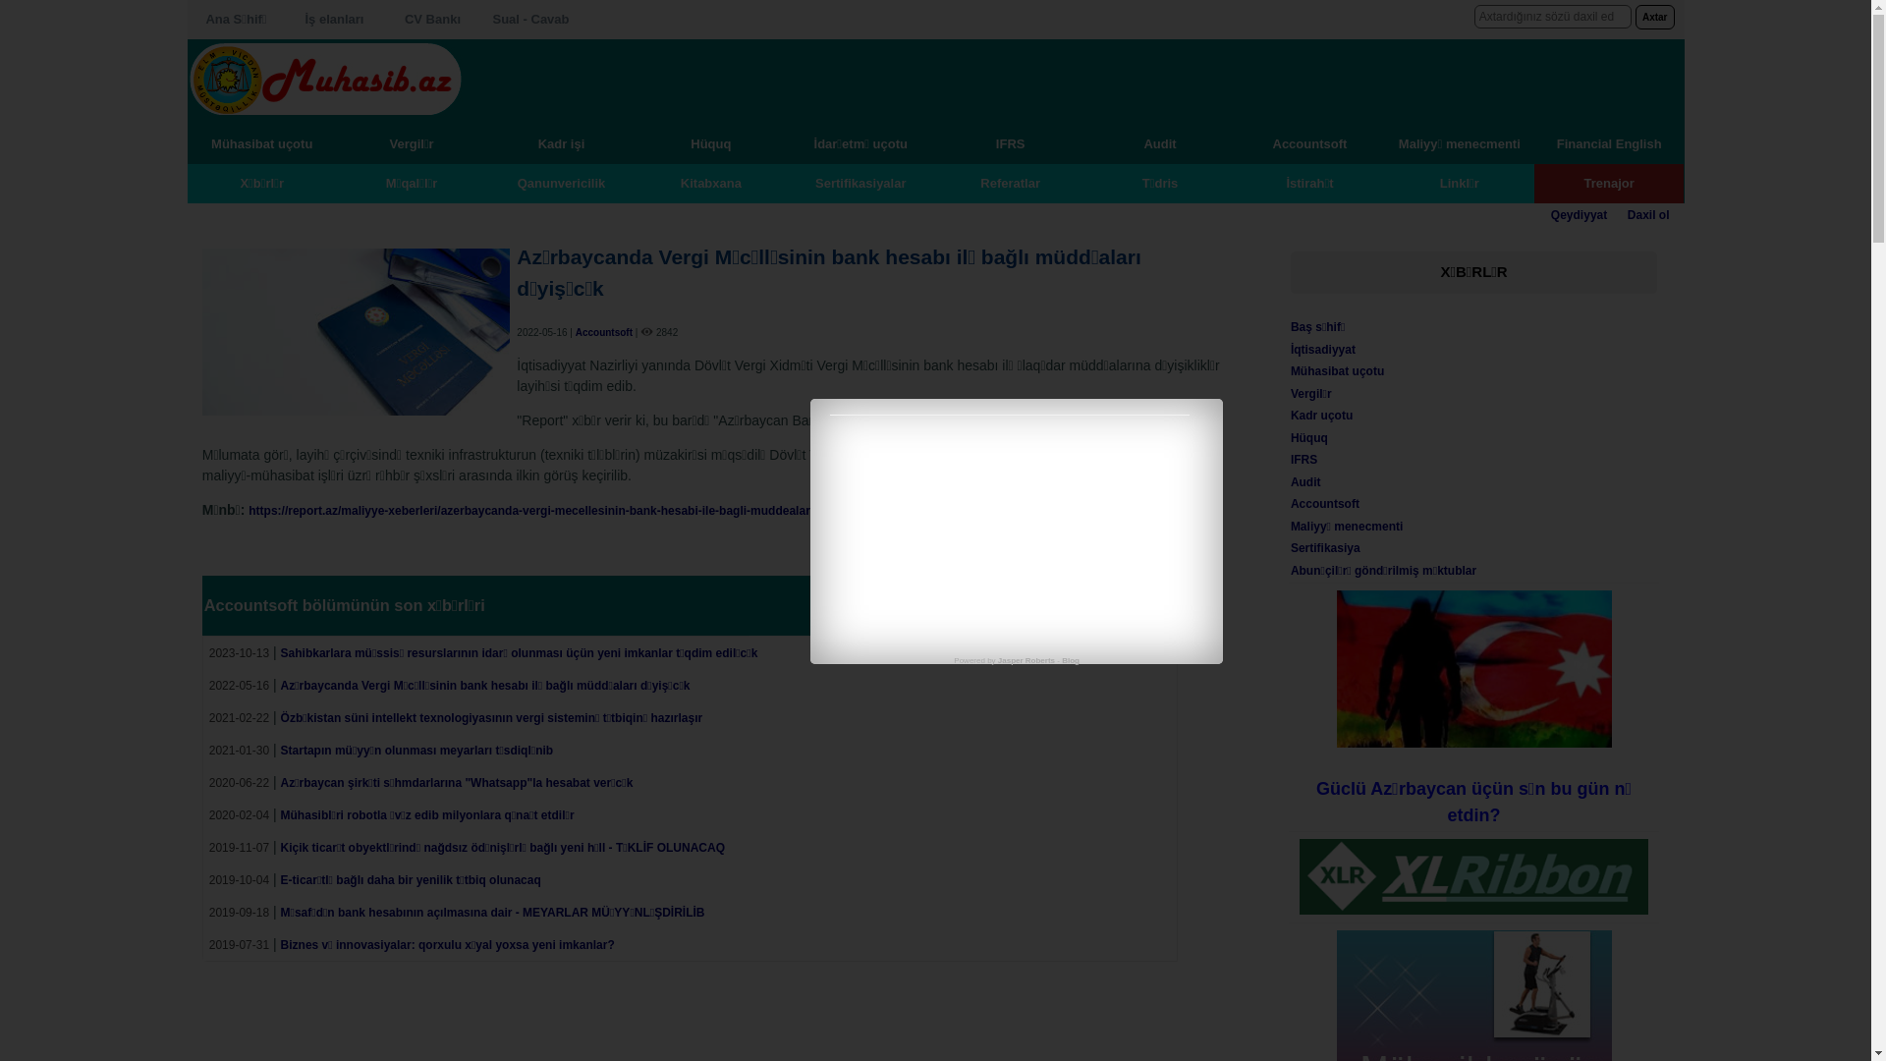  Describe the element at coordinates (1325, 548) in the screenshot. I see `'Sertifikasiya'` at that location.